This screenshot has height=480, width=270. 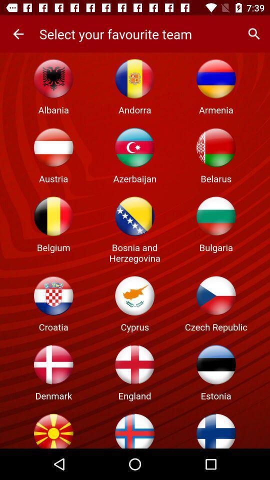 I want to click on app to the left of select your favourite item, so click(x=18, y=34).